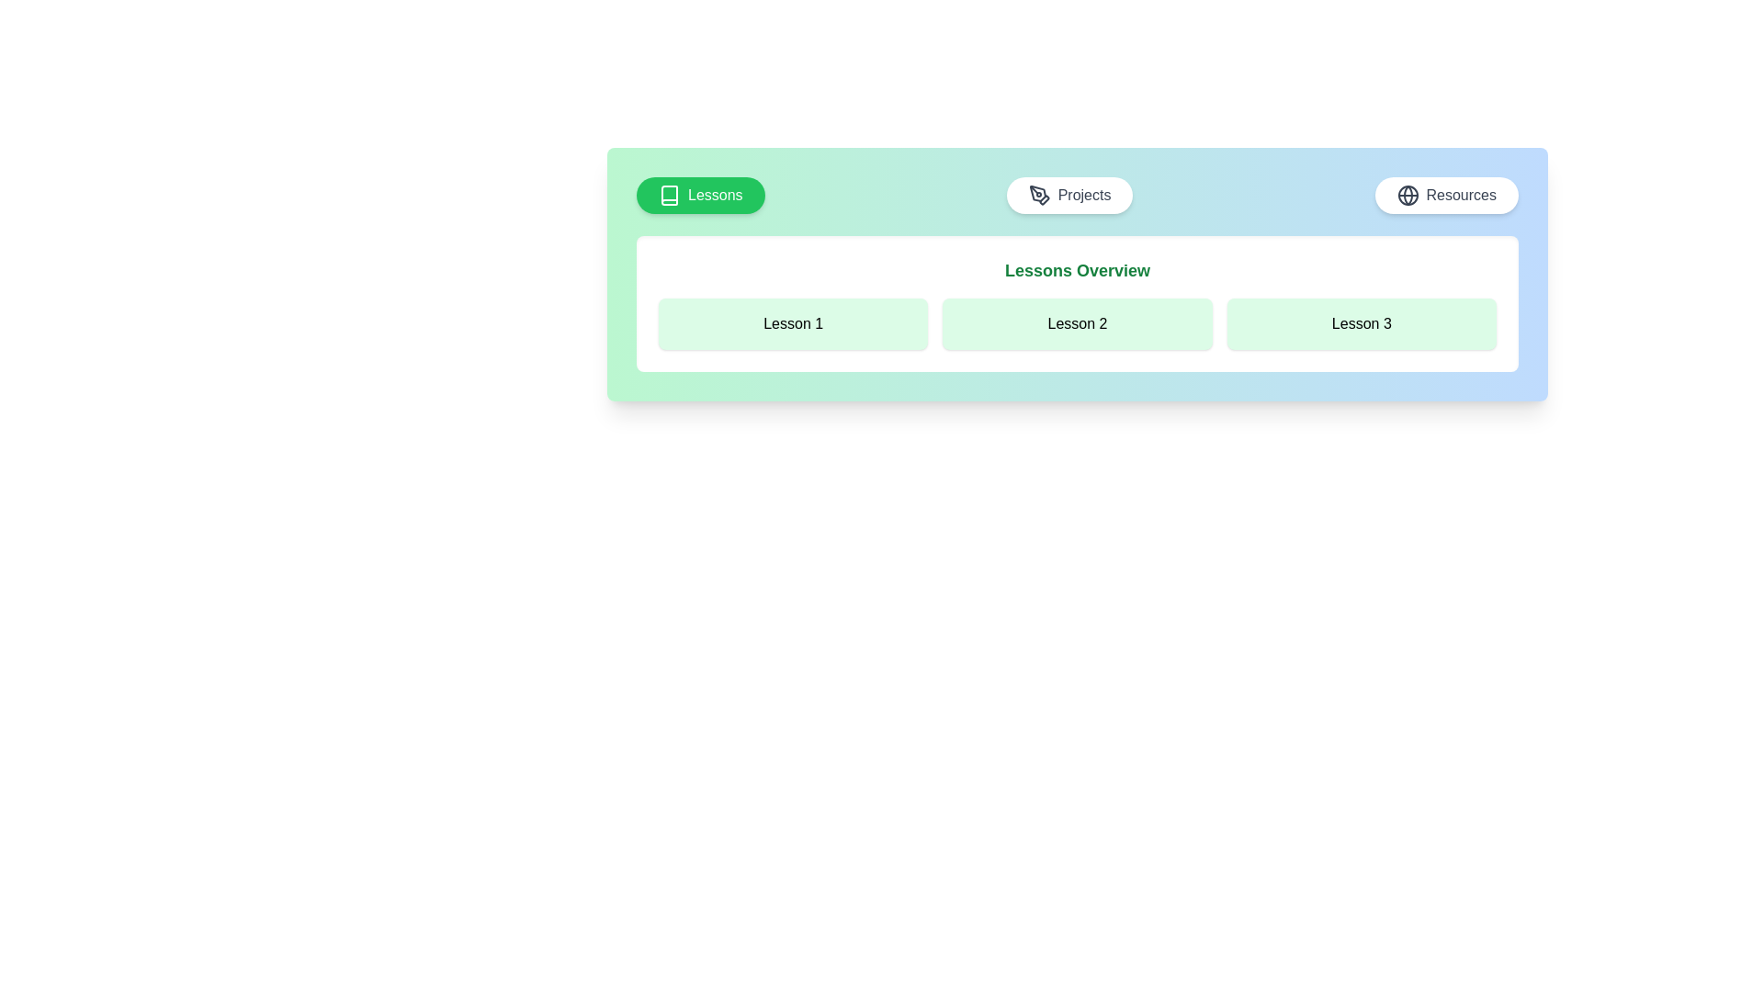 The width and height of the screenshot is (1764, 992). What do you see at coordinates (1407, 195) in the screenshot?
I see `the central circle of the globe icon within the SVG graphic to trigger its interactive functionality` at bounding box center [1407, 195].